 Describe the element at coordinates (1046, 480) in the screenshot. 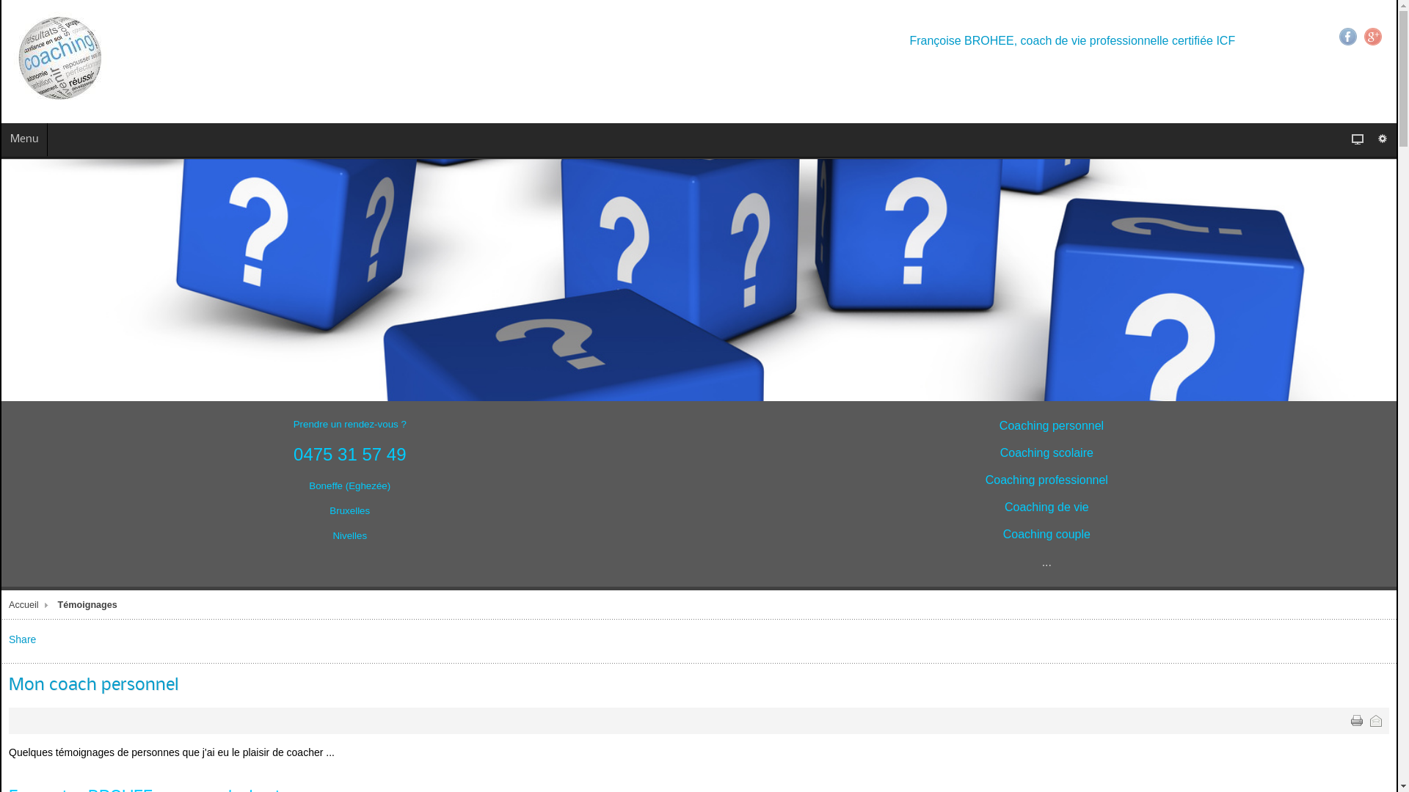

I see `'Coaching professionnel'` at that location.